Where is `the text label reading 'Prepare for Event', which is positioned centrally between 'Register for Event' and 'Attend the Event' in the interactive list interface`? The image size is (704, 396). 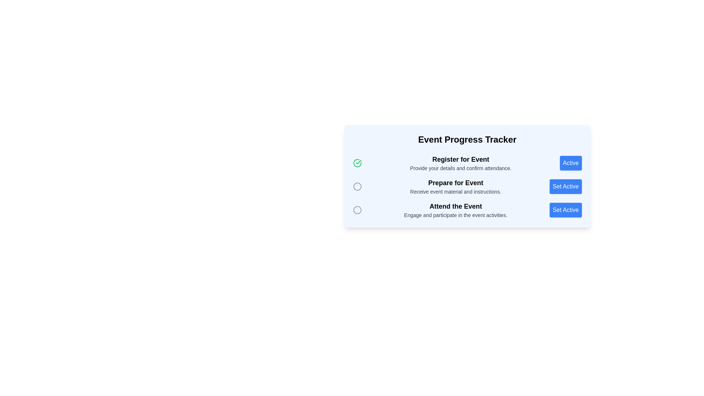
the text label reading 'Prepare for Event', which is positioned centrally between 'Register for Event' and 'Attend the Event' in the interactive list interface is located at coordinates (455, 182).